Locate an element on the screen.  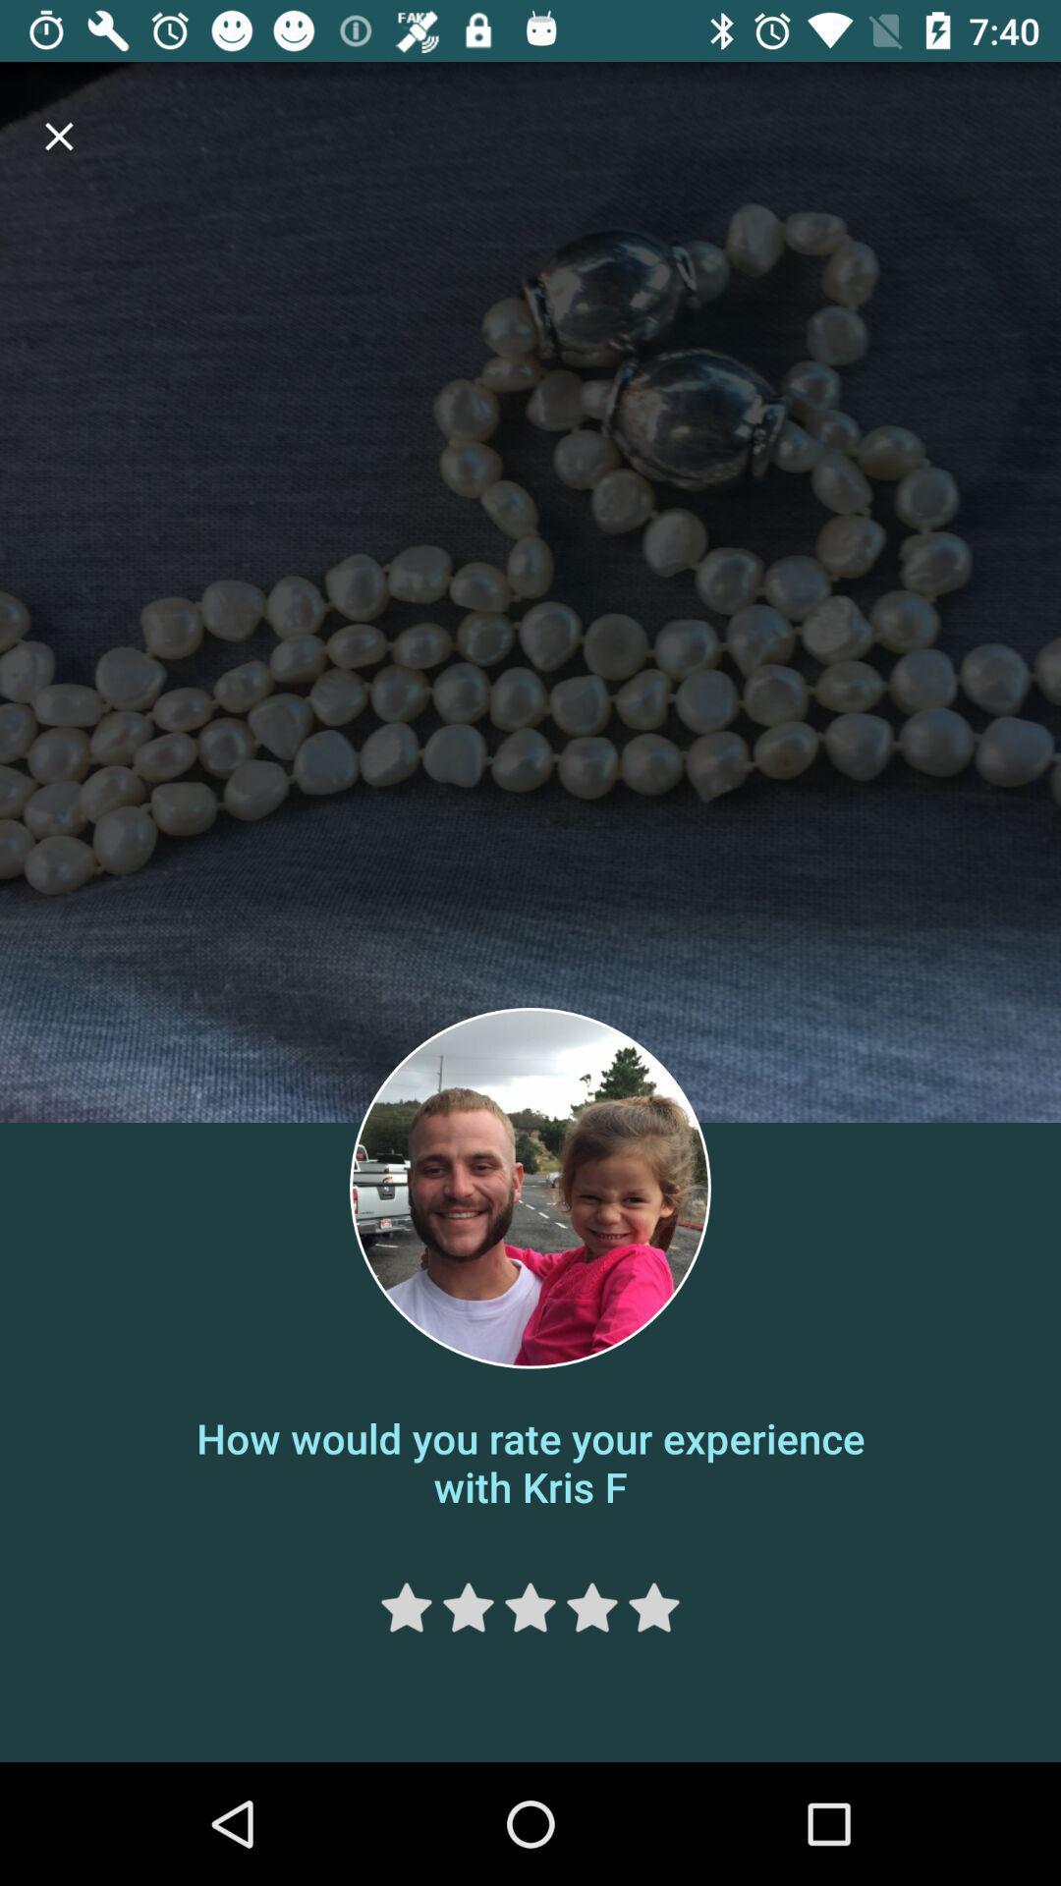
the star icon is located at coordinates (654, 1607).